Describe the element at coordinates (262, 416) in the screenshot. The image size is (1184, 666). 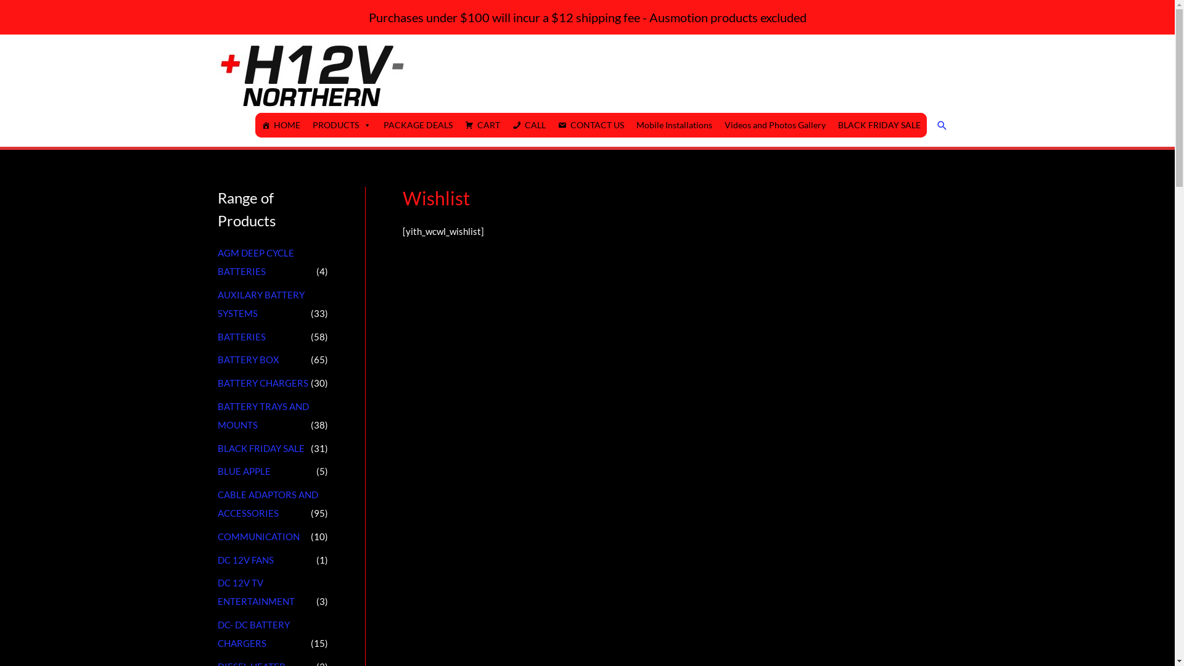
I see `'BATTERY TRAYS AND MOUNTS'` at that location.